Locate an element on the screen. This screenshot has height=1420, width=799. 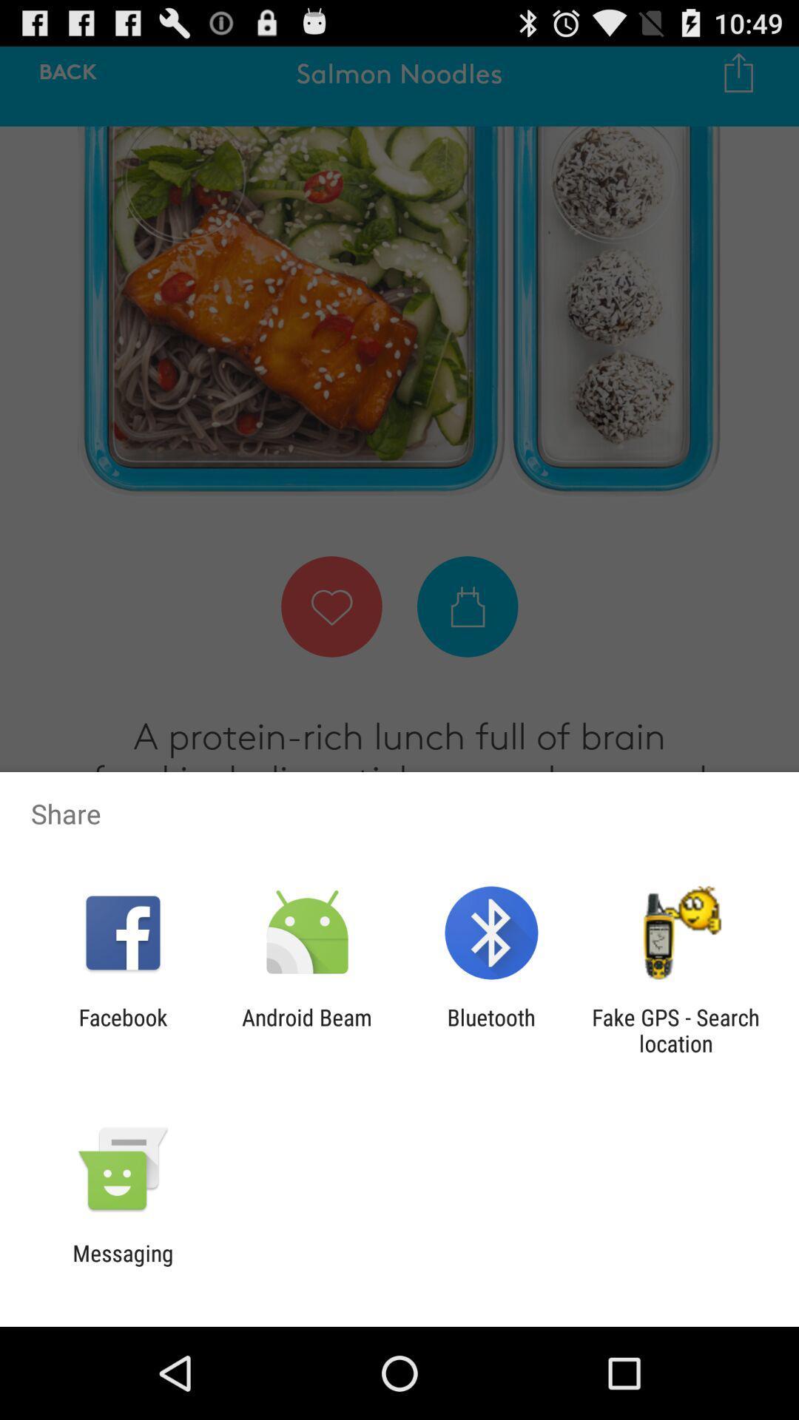
the messaging icon is located at coordinates (122, 1265).